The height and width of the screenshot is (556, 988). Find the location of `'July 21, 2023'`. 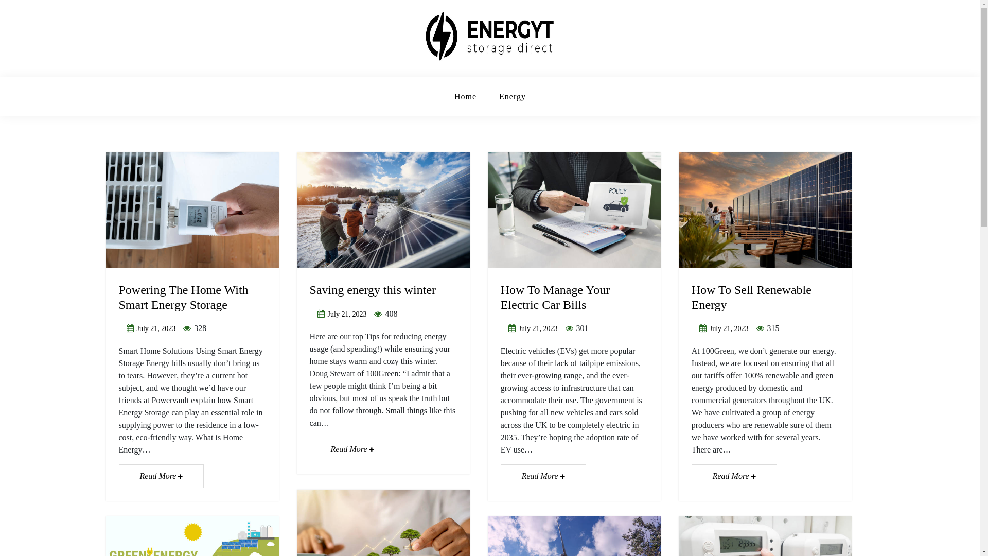

'July 21, 2023' is located at coordinates (155, 328).